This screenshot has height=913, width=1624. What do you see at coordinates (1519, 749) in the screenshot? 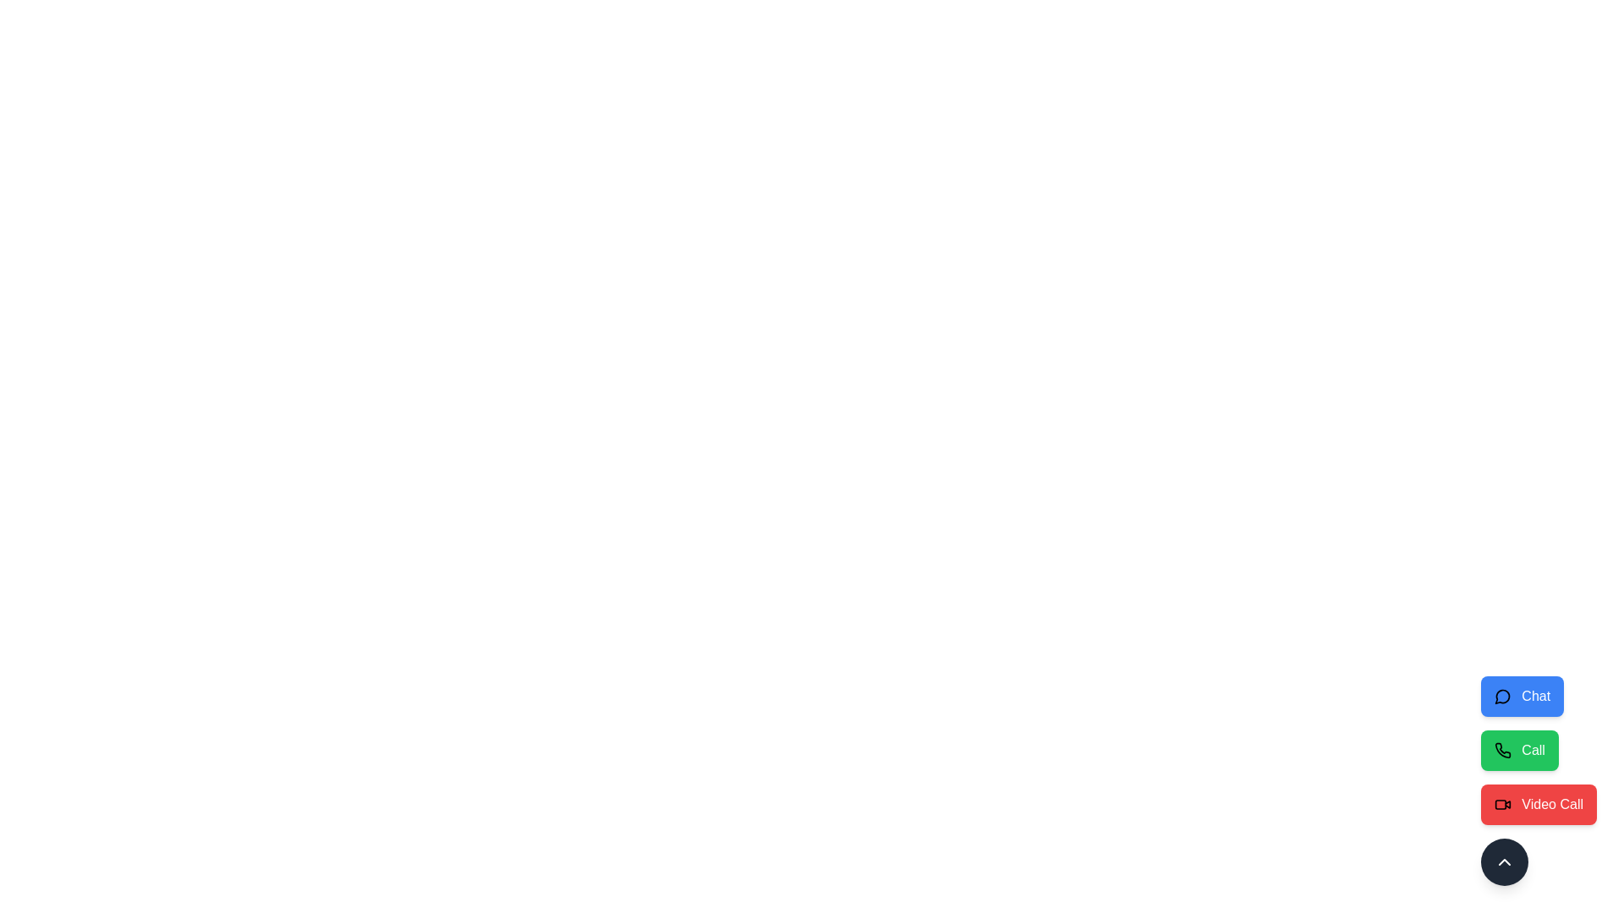
I see `the 'Call' button to initiate a call` at bounding box center [1519, 749].